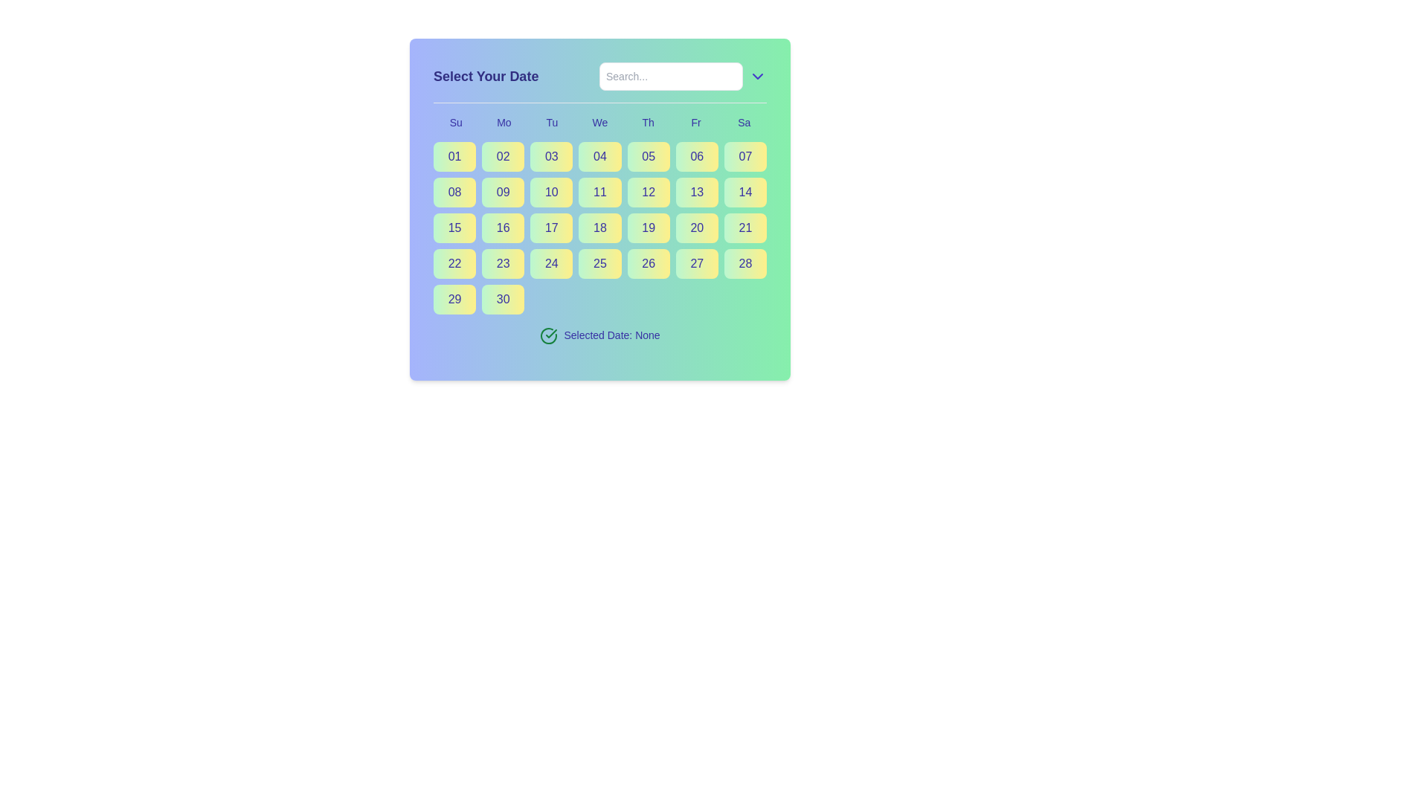 This screenshot has height=803, width=1428. I want to click on the rounded rectangular button labeled '24' with a gradient background transitioning from green to yellow located in the fourth row and fourth column of the grid, so click(550, 262).